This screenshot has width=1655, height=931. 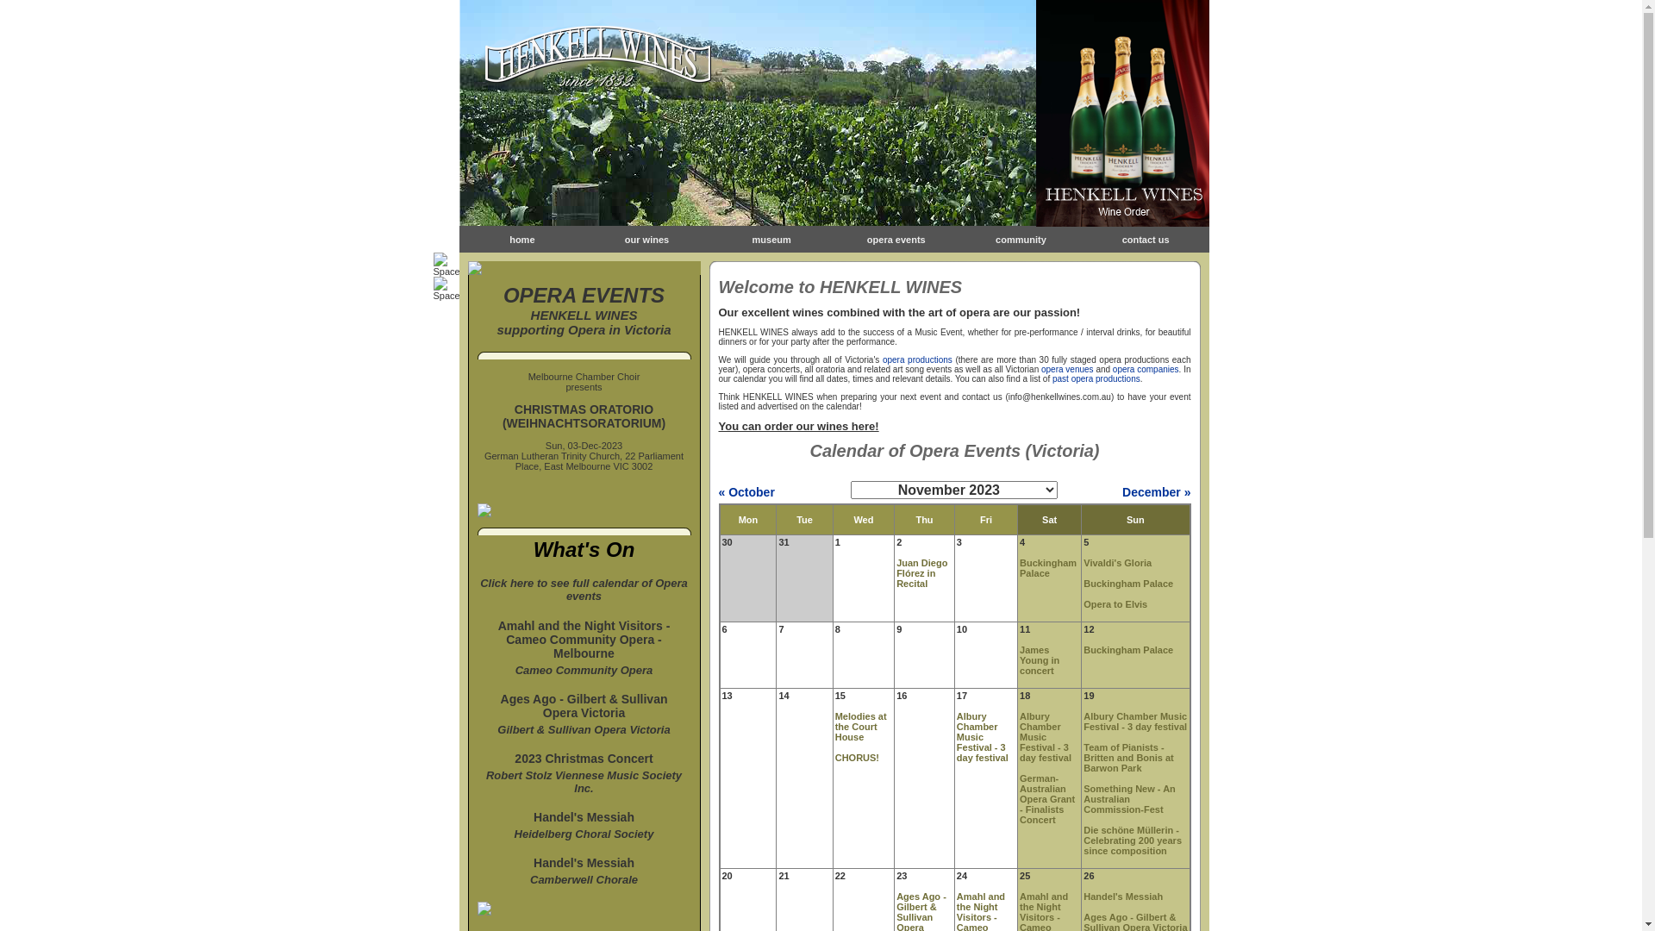 I want to click on 'info@henkellwines.com.au', so click(x=1059, y=397).